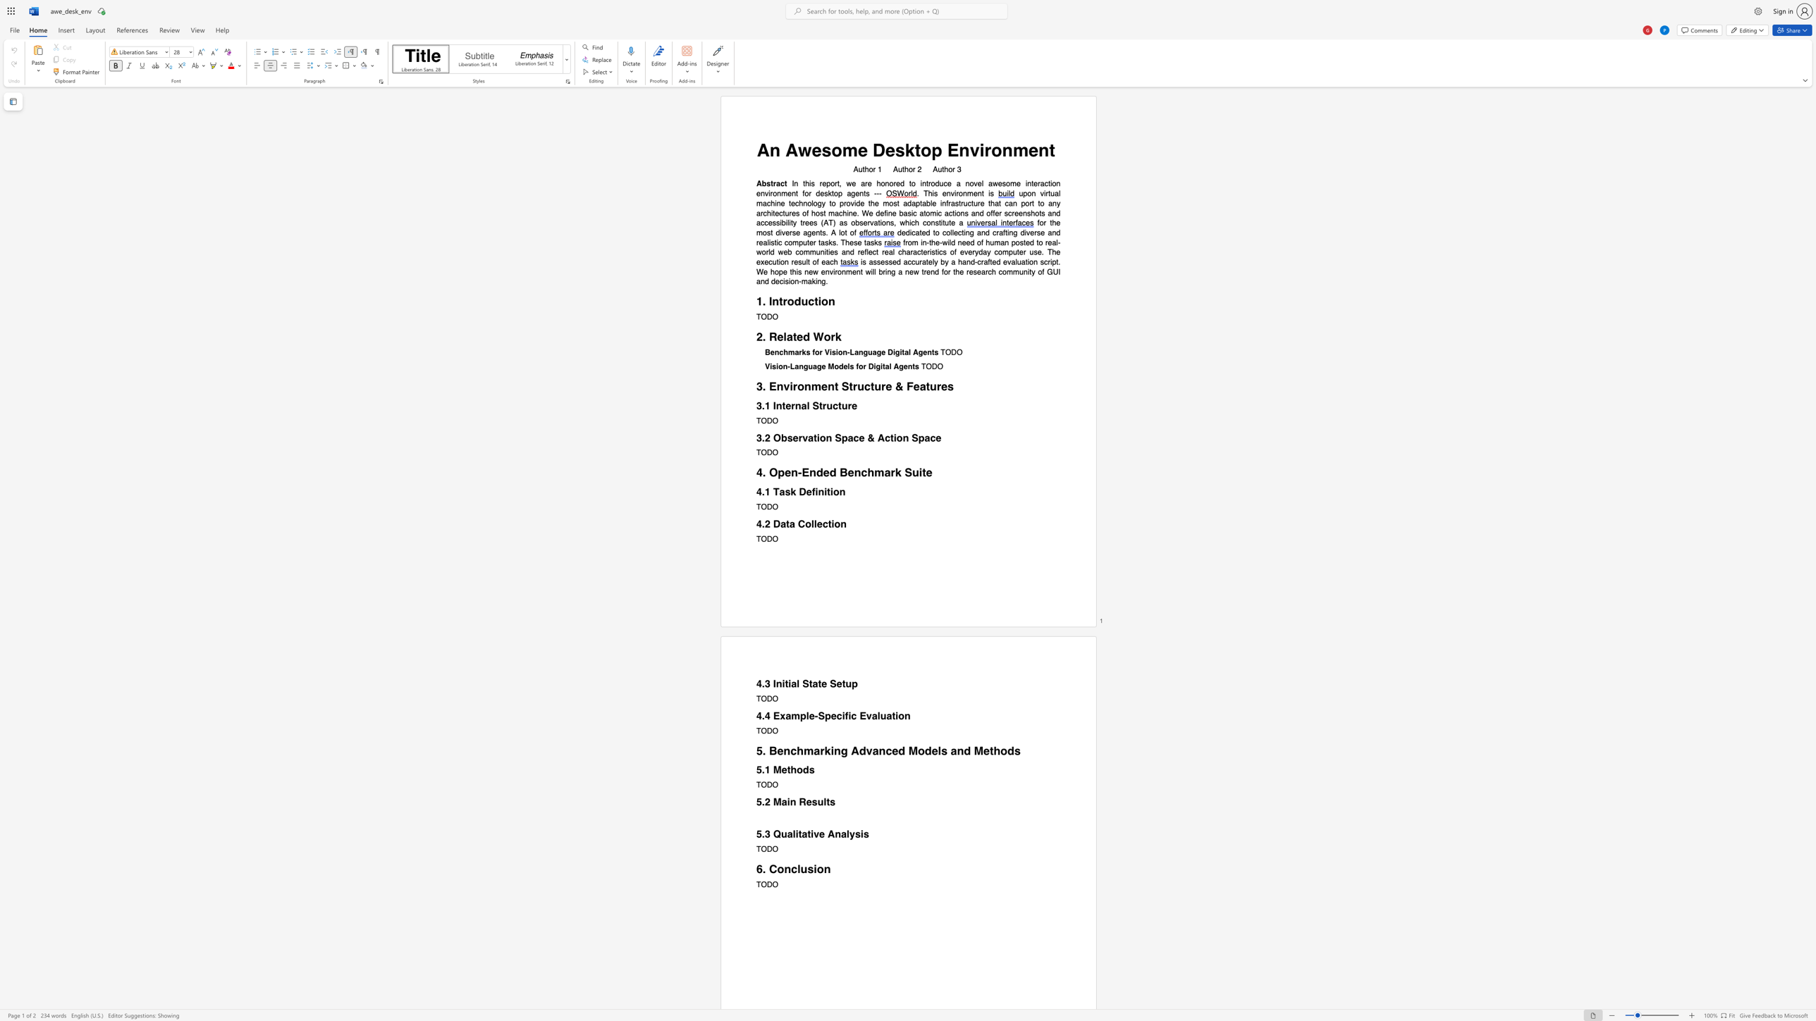 The width and height of the screenshot is (1816, 1021). What do you see at coordinates (807, 366) in the screenshot?
I see `the subset text "uage Models for" within the text "Vision-Language Models for Digital Agents"` at bounding box center [807, 366].